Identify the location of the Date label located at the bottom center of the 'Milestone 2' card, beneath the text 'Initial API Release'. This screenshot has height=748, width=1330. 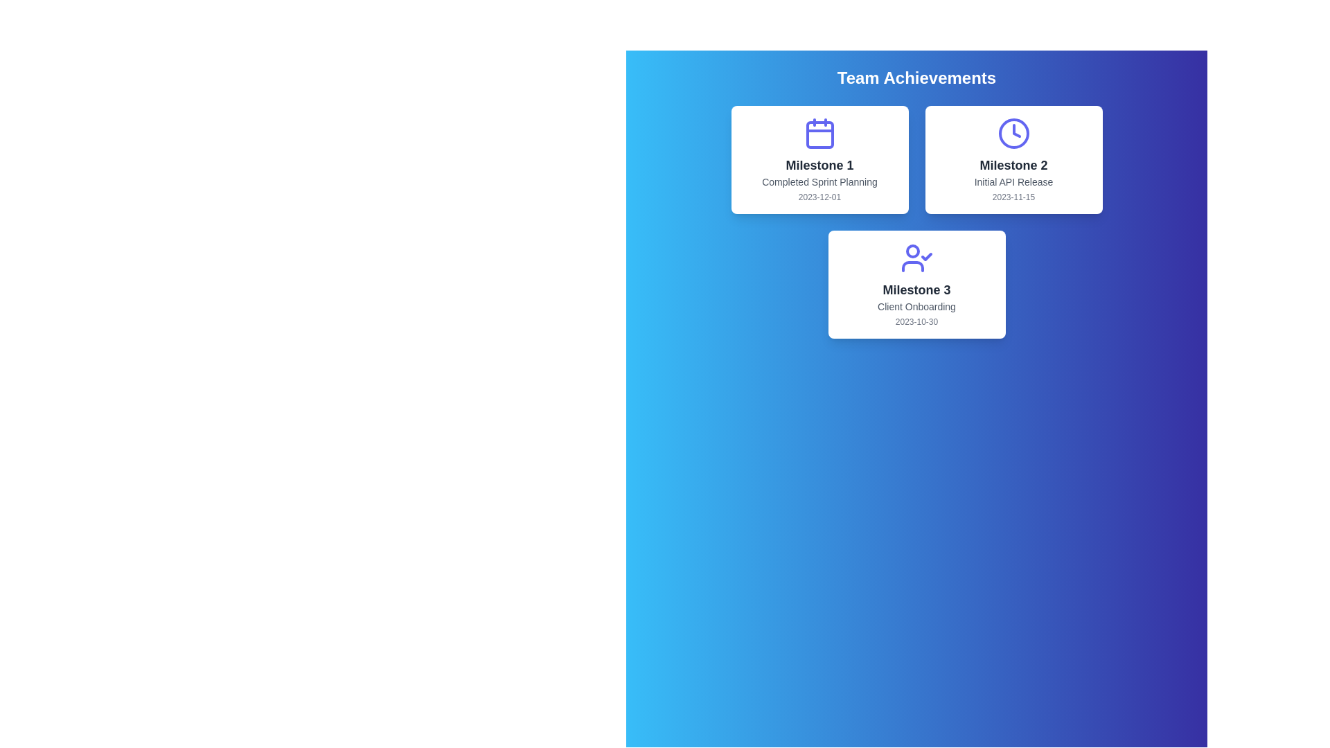
(1013, 197).